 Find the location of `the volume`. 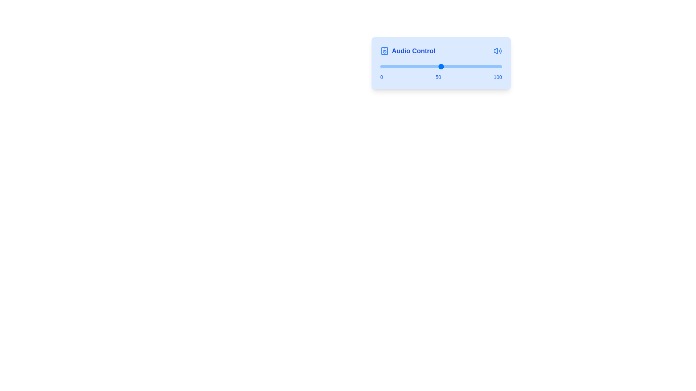

the volume is located at coordinates (424, 67).